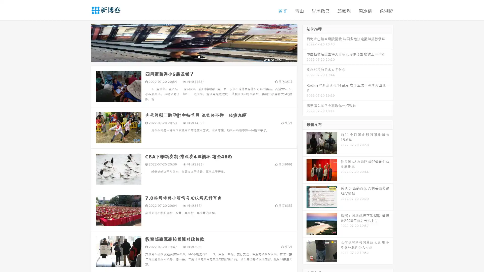 The height and width of the screenshot is (272, 484). Describe the element at coordinates (199, 57) in the screenshot. I see `Go to slide 3` at that location.